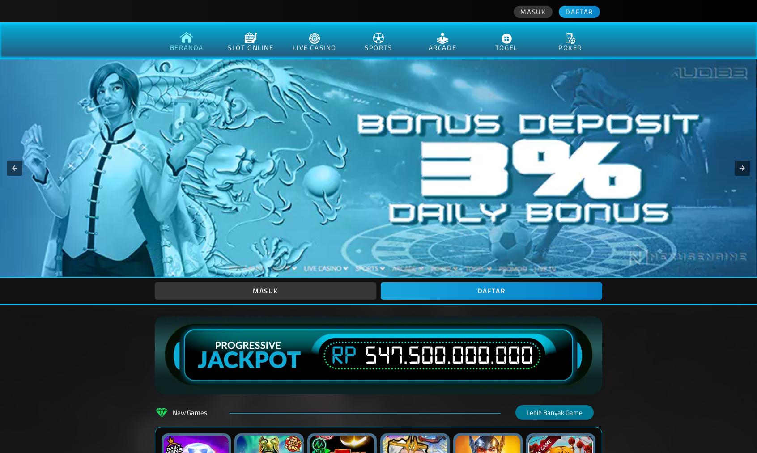 Image resolution: width=757 pixels, height=453 pixels. Describe the element at coordinates (442, 47) in the screenshot. I see `'arcade'` at that location.